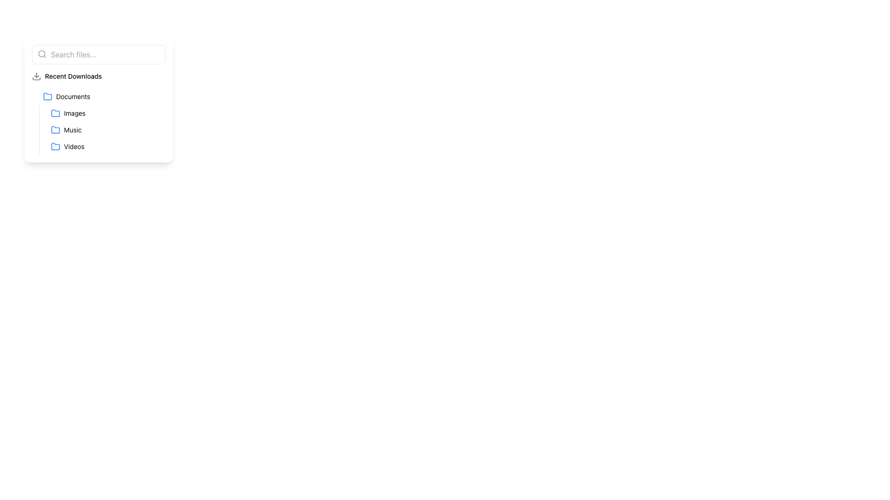 Image resolution: width=890 pixels, height=500 pixels. Describe the element at coordinates (102, 130) in the screenshot. I see `the 'Images' folder option in the vertical navigation menu, which is part of the sidebar labeled 'Recent Downloads'` at that location.